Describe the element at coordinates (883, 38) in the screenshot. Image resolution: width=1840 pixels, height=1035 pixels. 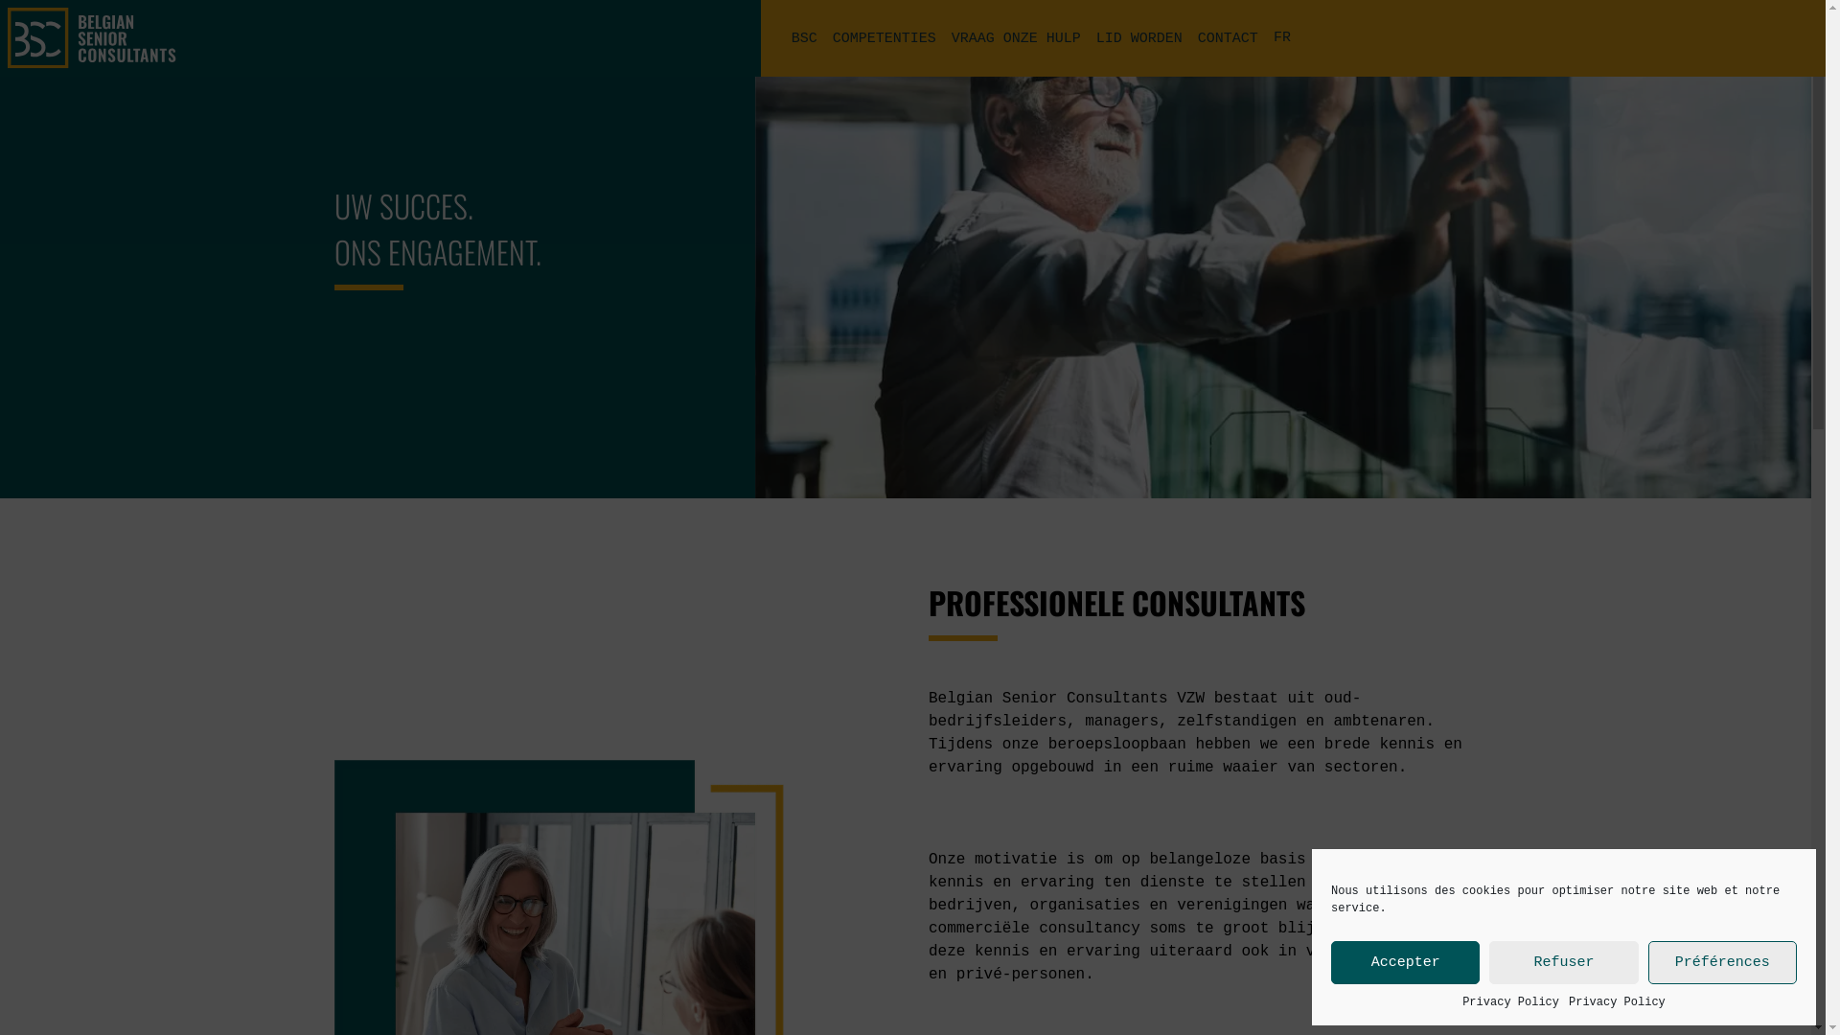
I see `'COMPETENTIES'` at that location.